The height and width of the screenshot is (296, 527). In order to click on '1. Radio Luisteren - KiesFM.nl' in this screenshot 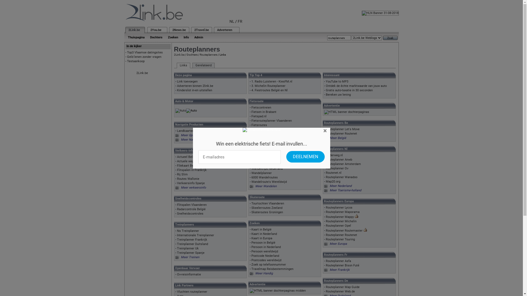, I will do `click(272, 81)`.